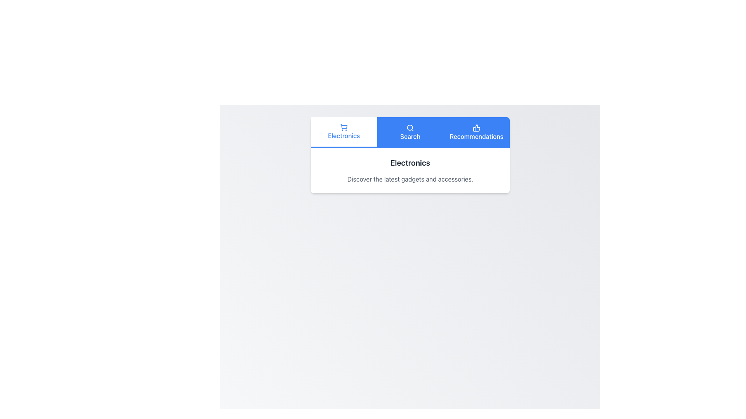 Image resolution: width=746 pixels, height=419 pixels. Describe the element at coordinates (410, 132) in the screenshot. I see `the 'Search' button, which is the second button in the navigation menu styled with a blue background and white text, to check for any visual effects` at that location.